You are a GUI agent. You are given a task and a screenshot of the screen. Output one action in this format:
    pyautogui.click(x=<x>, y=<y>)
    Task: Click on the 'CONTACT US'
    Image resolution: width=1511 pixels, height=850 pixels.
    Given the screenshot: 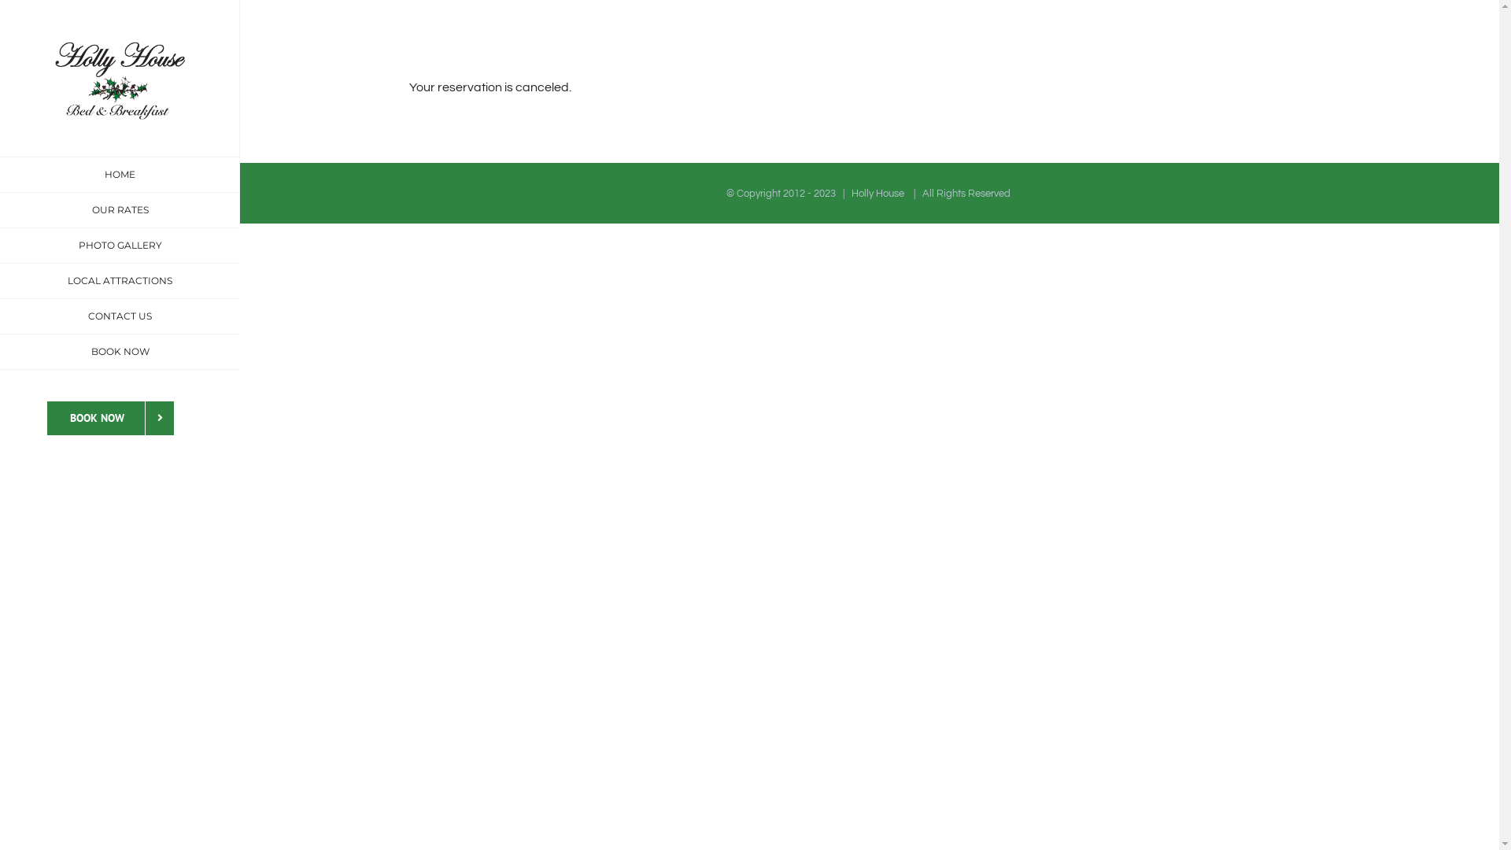 What is the action you would take?
    pyautogui.click(x=119, y=316)
    